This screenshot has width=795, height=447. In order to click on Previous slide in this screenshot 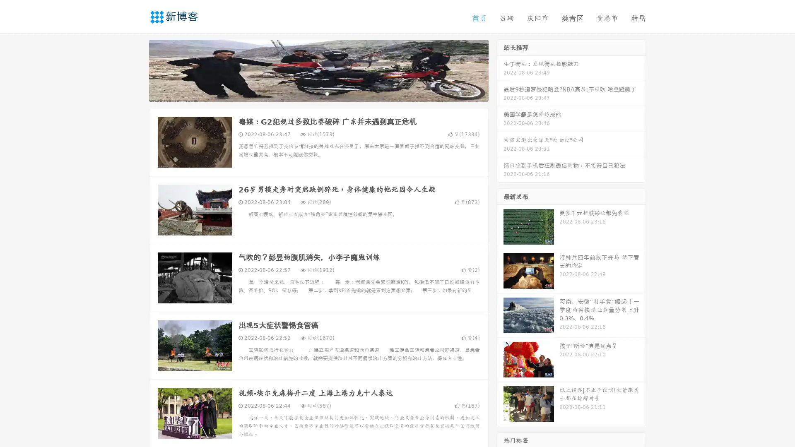, I will do `click(137, 70)`.